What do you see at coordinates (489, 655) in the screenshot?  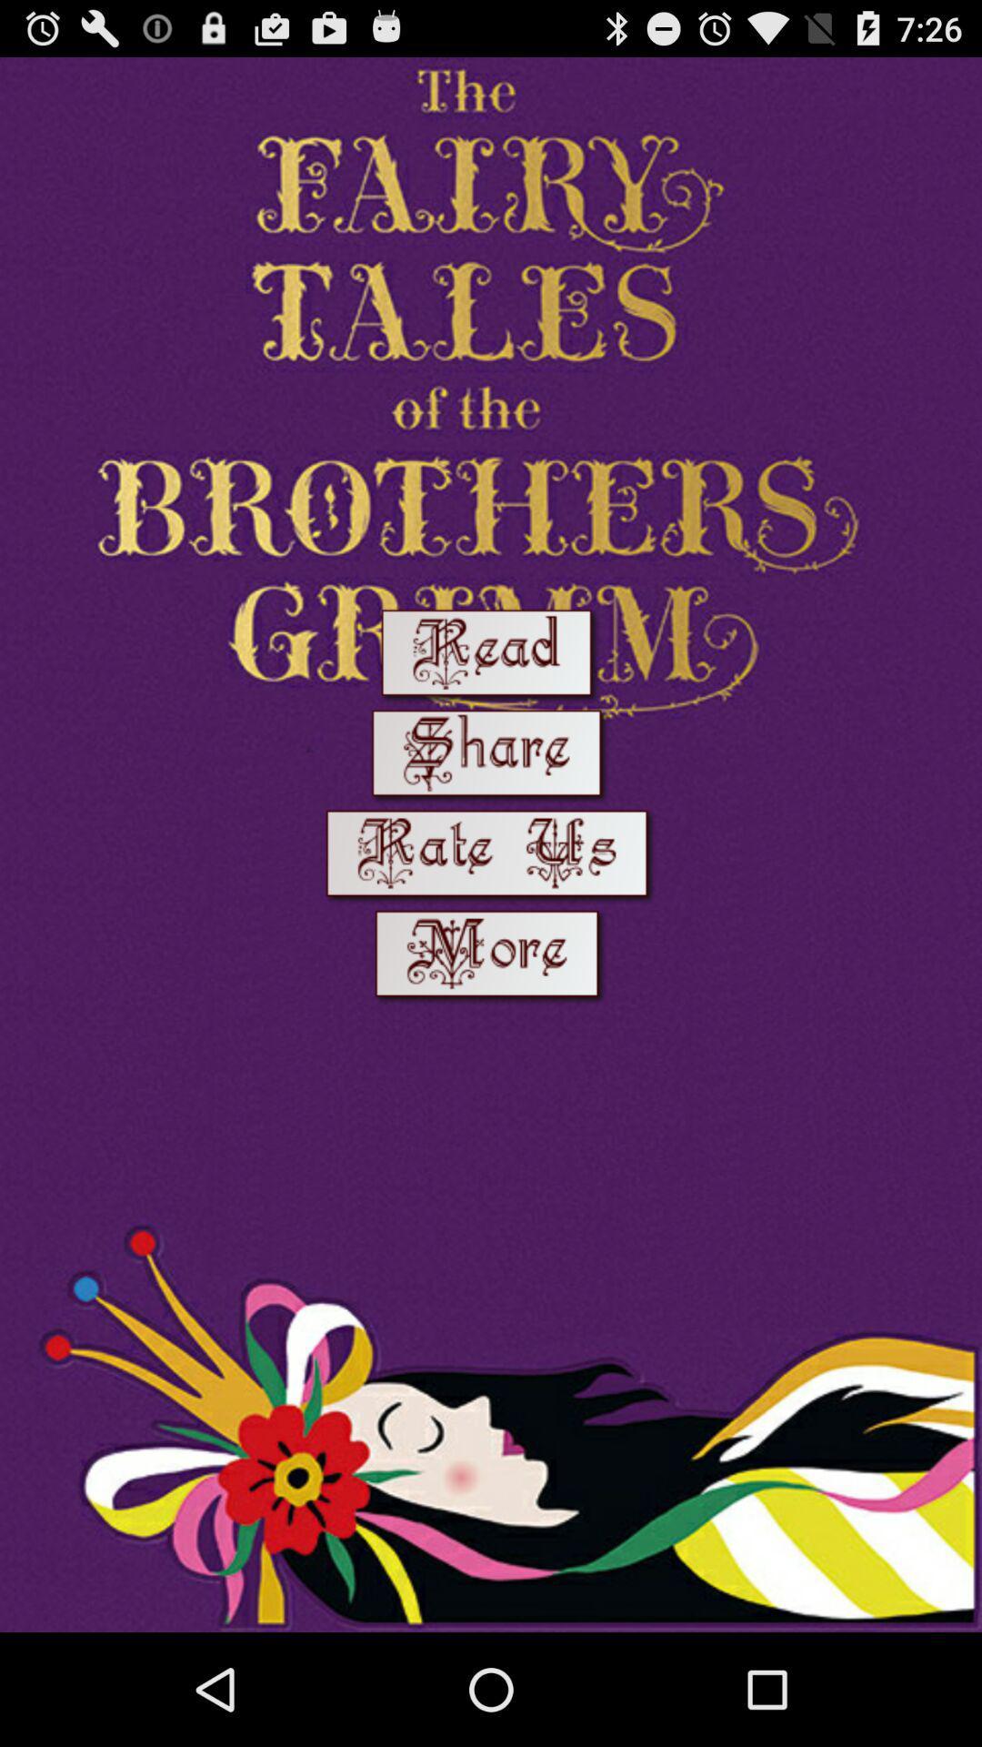 I see `read book` at bounding box center [489, 655].